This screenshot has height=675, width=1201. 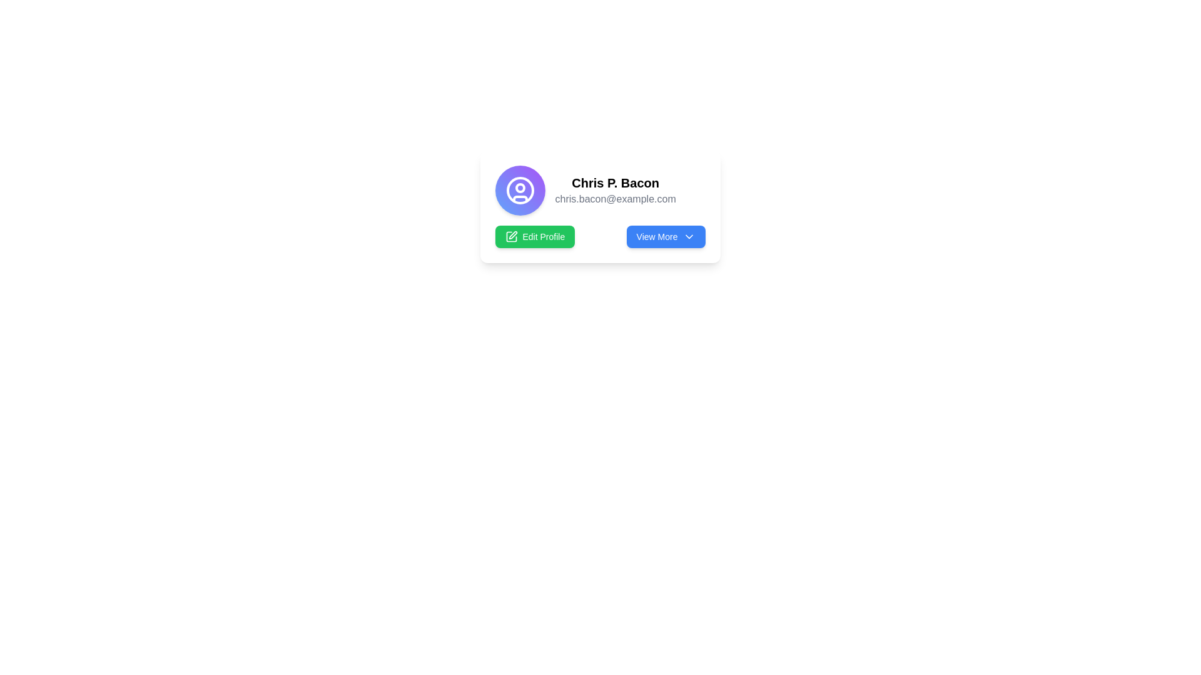 What do you see at coordinates (615, 183) in the screenshot?
I see `the bold header text reading 'Chris P. Bacon'` at bounding box center [615, 183].